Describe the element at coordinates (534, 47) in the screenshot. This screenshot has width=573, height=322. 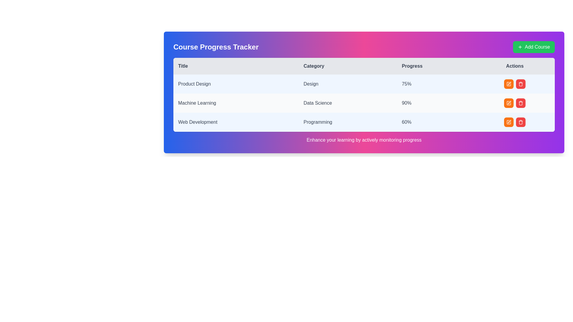
I see `the 'Add Course' button located in the top-right corner of the 'Course Progress Tracker' panel` at that location.